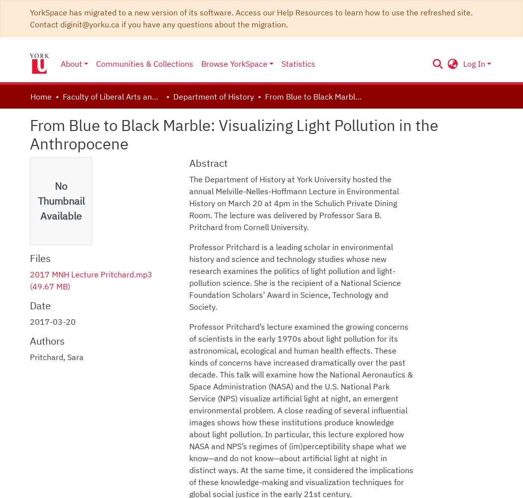  I want to click on 'Date', so click(40, 305).